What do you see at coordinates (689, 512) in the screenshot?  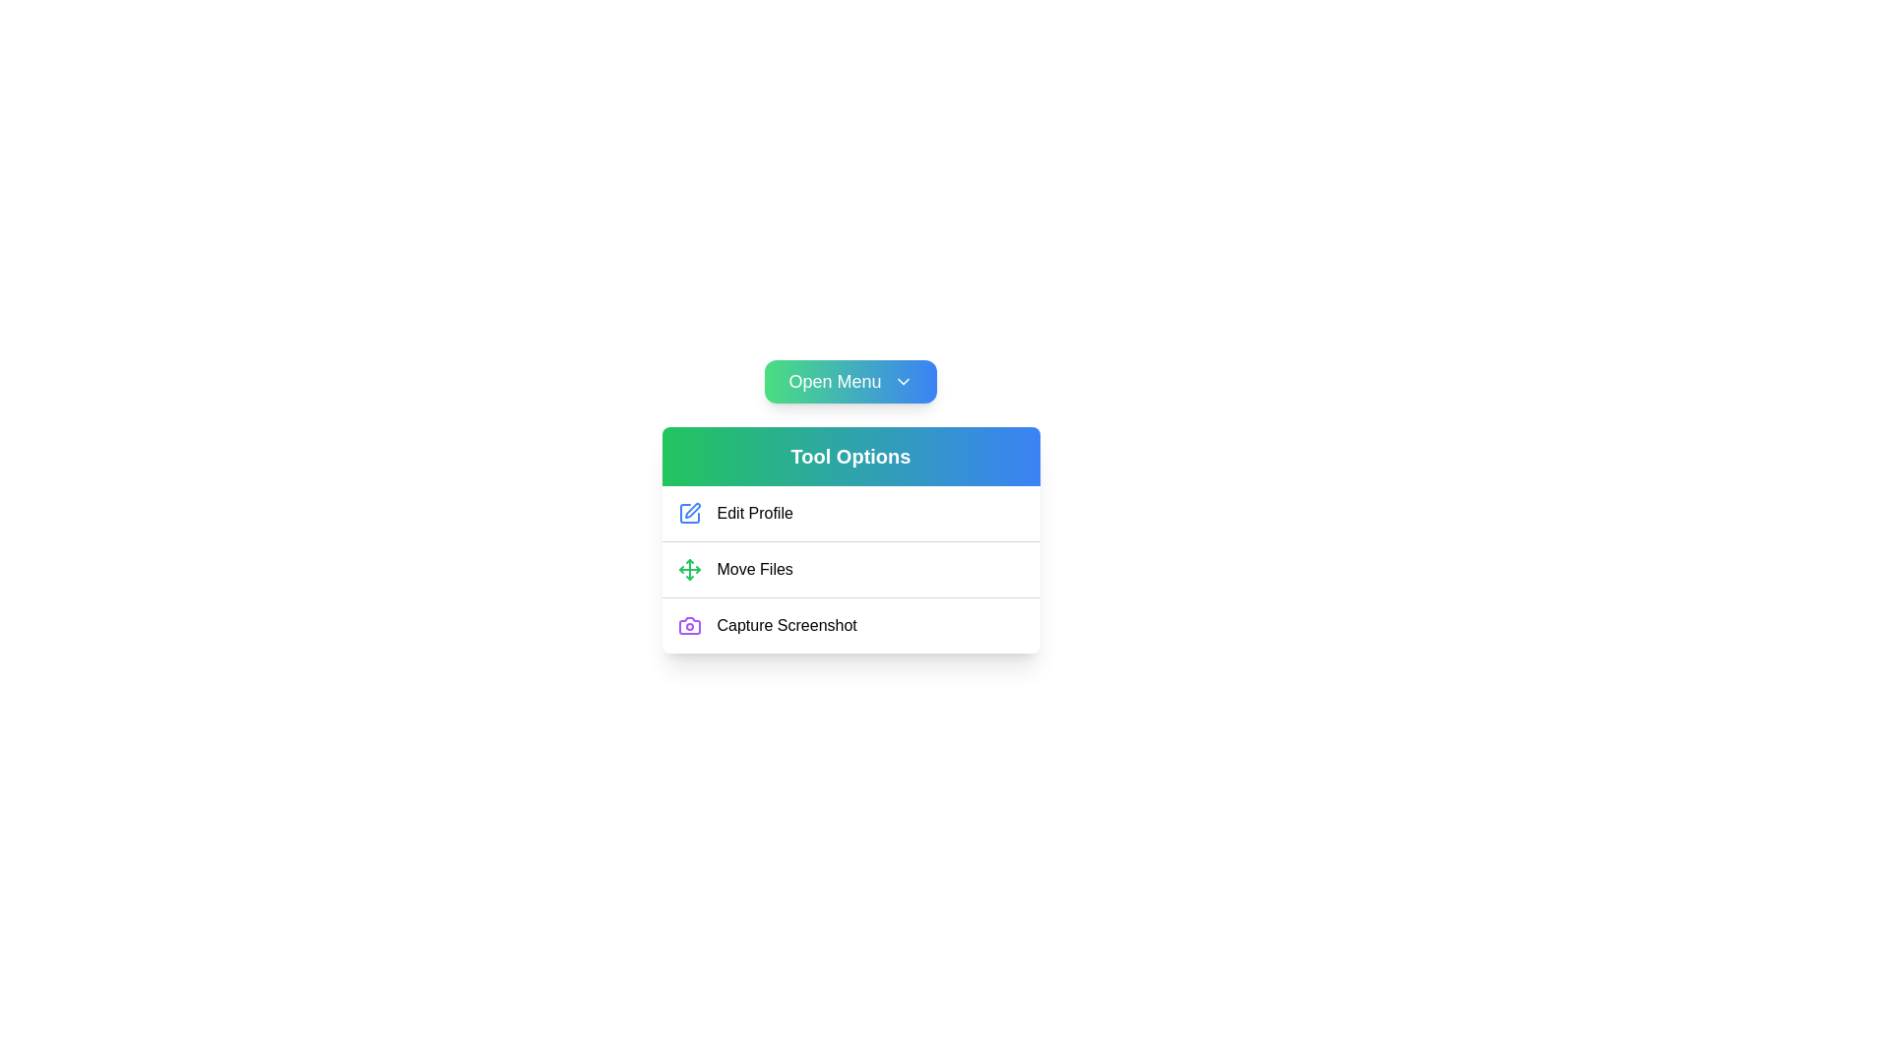 I see `the blue pen icon located to the left of the 'Edit Profile' text in the first option under the 'Tool Options' heading` at bounding box center [689, 512].